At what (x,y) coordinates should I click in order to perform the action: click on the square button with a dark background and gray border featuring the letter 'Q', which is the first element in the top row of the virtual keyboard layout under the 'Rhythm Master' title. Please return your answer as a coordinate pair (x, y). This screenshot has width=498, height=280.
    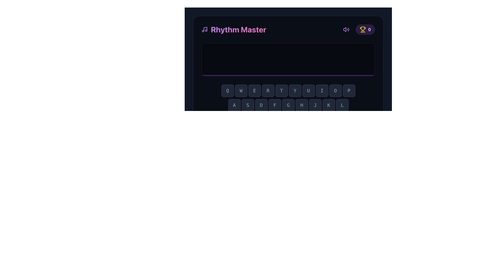
    Looking at the image, I should click on (227, 90).